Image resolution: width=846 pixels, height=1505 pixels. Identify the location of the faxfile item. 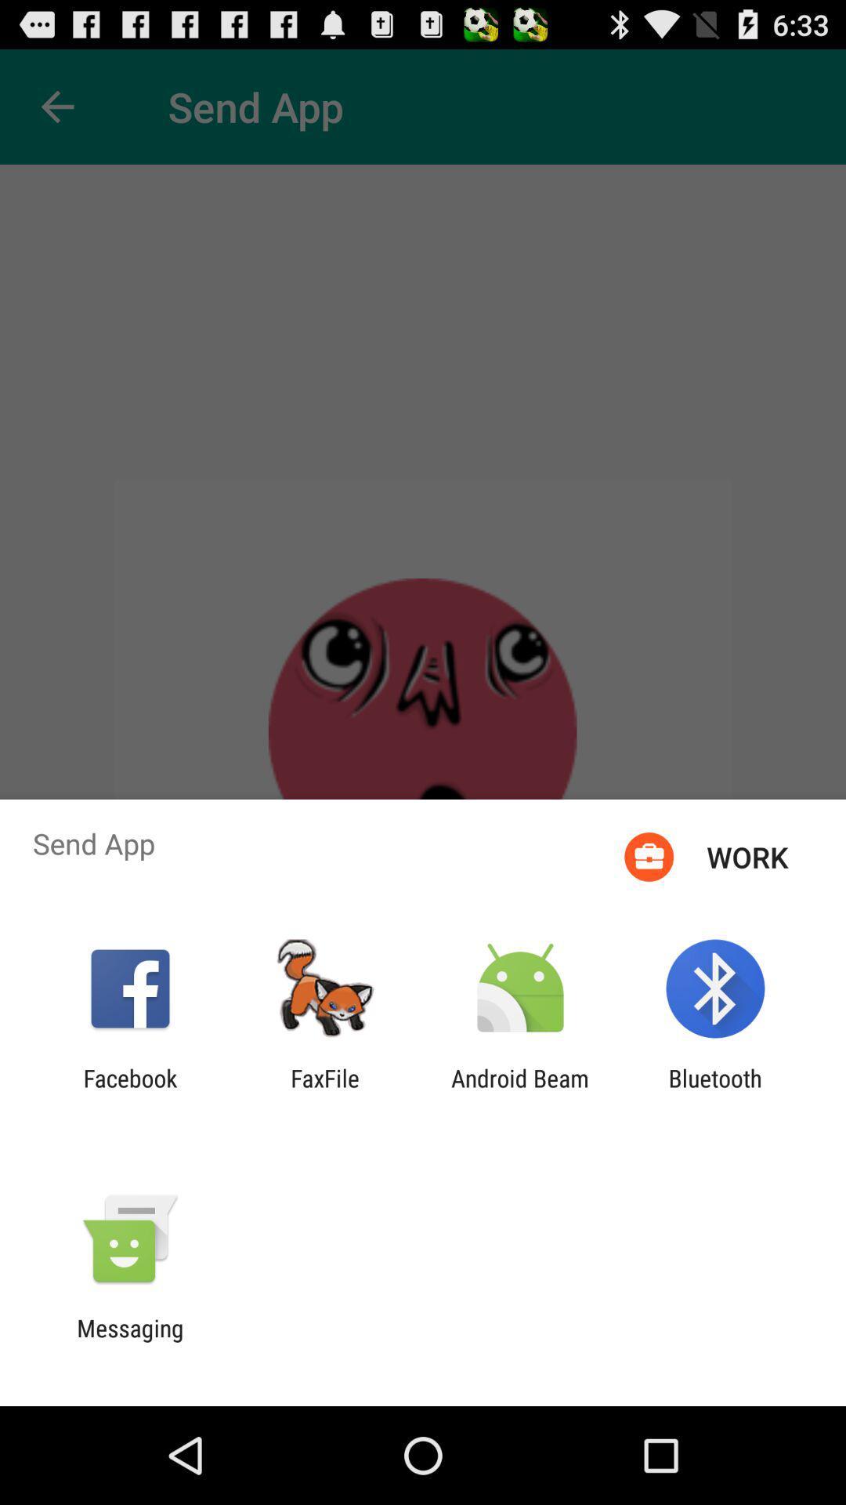
(324, 1091).